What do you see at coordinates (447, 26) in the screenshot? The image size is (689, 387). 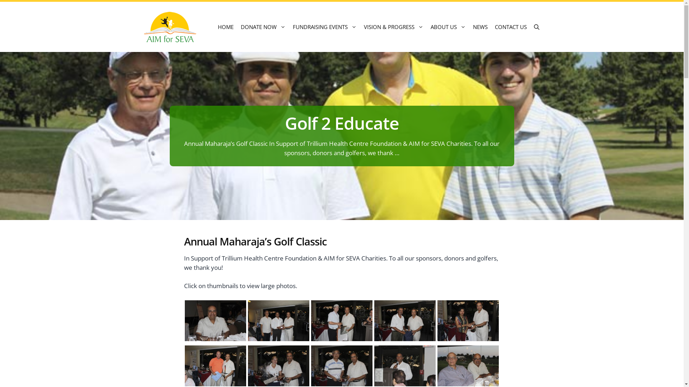 I see `'ABOUT US'` at bounding box center [447, 26].